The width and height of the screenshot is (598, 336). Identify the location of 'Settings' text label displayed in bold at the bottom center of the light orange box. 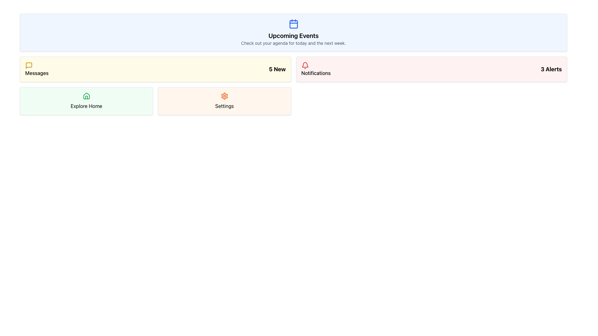
(224, 105).